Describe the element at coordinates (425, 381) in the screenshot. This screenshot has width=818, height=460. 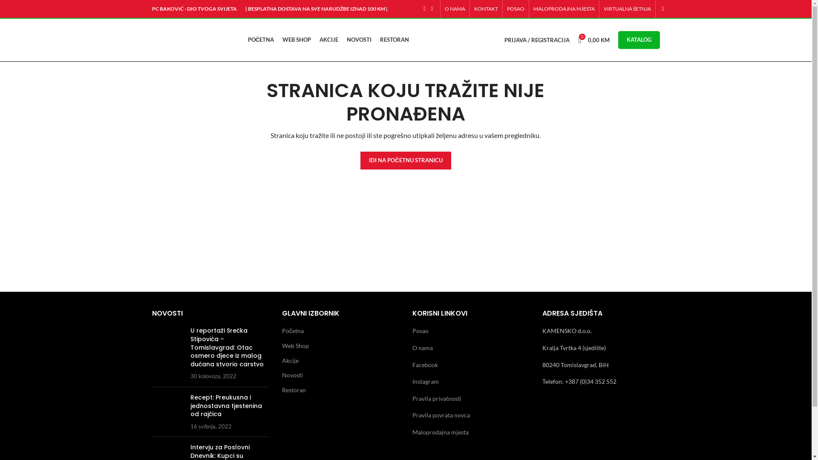
I see `'Instagram'` at that location.